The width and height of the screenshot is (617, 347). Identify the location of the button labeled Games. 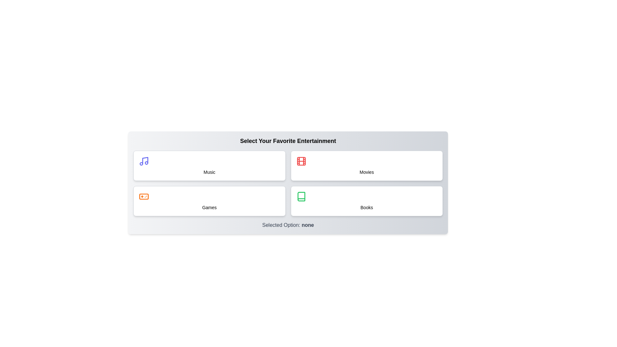
(209, 200).